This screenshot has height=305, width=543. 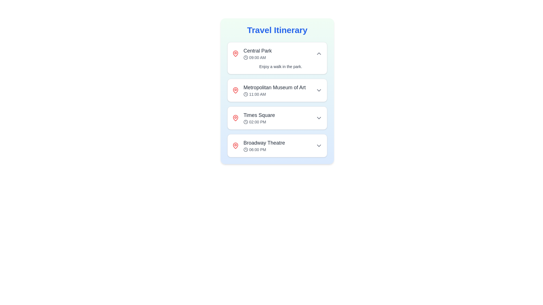 I want to click on the clock icon element that visually represents the time for the itinerary item 'Metropolitan Museum of Art' at '11:00 AM', located closely aligned to the left of the displayed time, so click(x=245, y=94).